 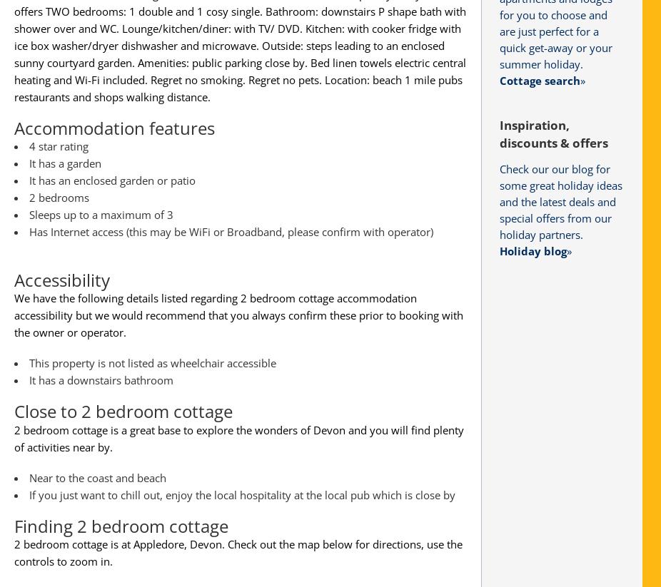 I want to click on 'We have the following details listed regarding 2 bedroom cottage accommodation accessibility but we would recommend that you always confirm these prior to booking with the owner or operator.', so click(x=238, y=315).